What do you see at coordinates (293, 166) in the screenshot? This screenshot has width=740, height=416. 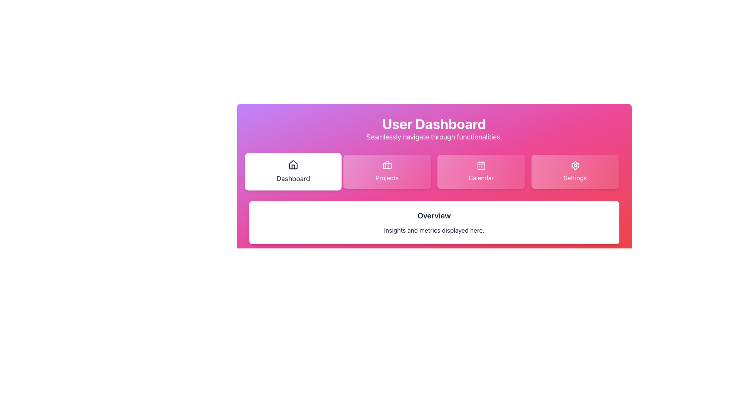 I see `the central vertical line of the house icon, which represents the door` at bounding box center [293, 166].